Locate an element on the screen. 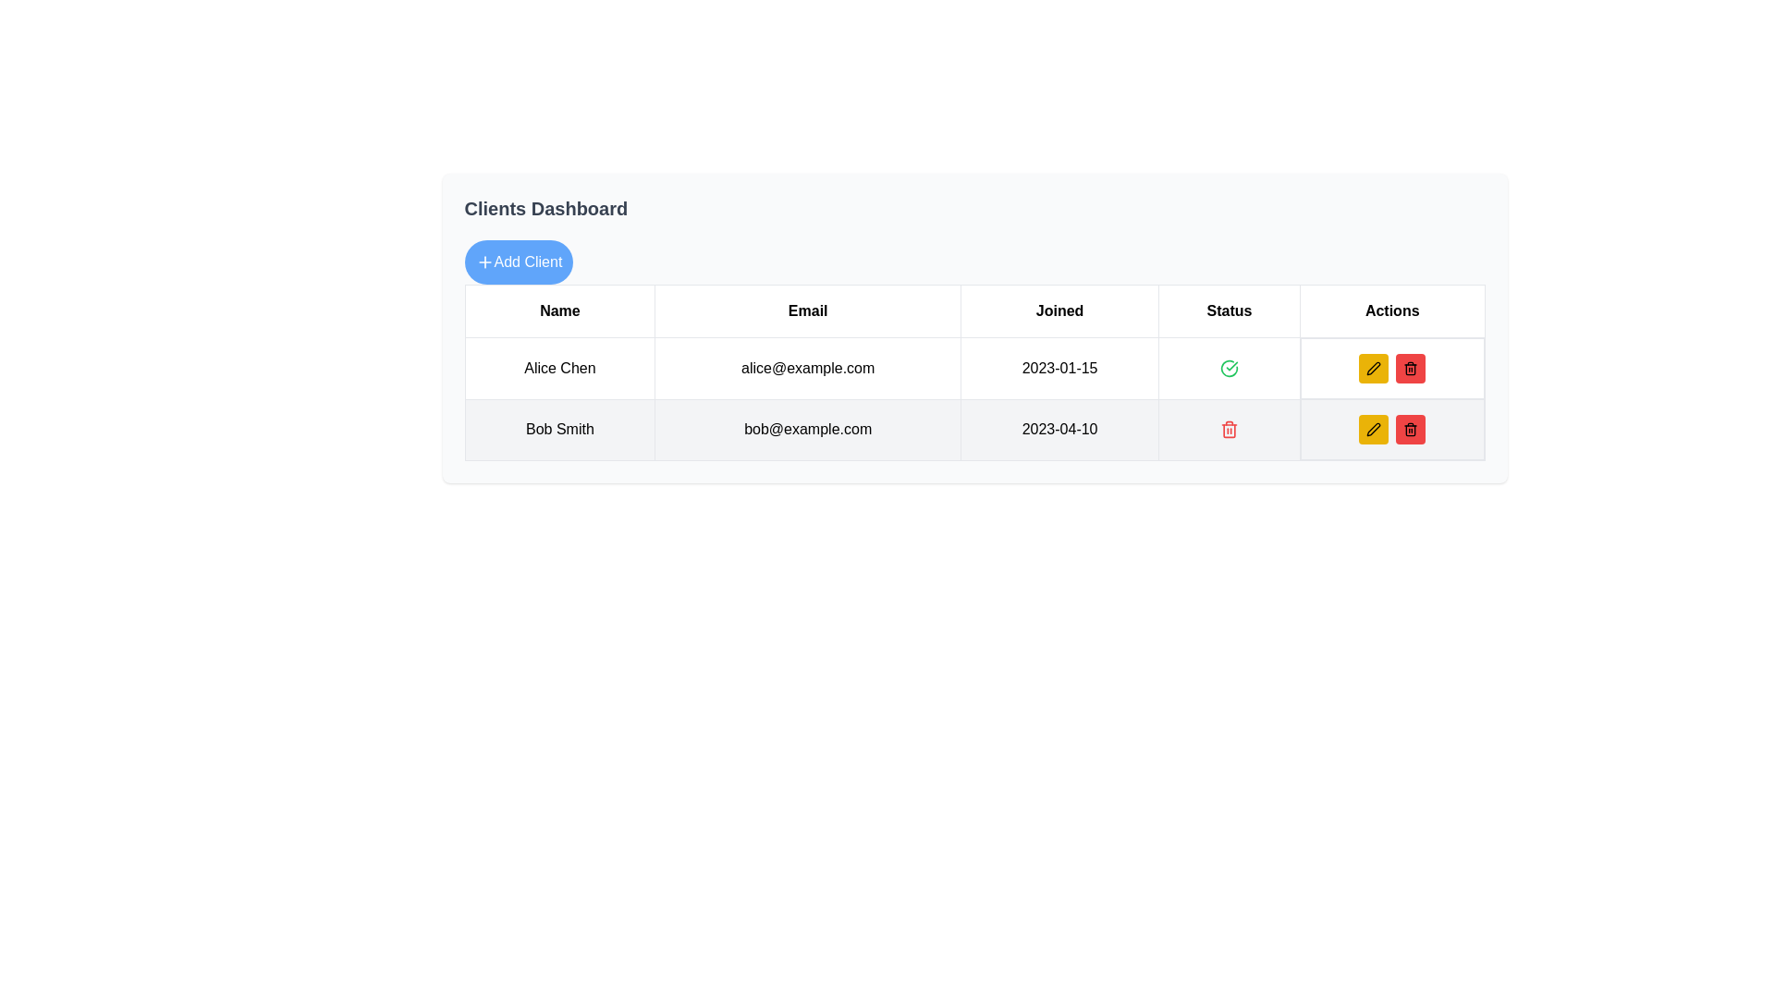  the red trash bin icon button located in the Actions column of the second row of the table, which represents the delete action is located at coordinates (1410, 430).